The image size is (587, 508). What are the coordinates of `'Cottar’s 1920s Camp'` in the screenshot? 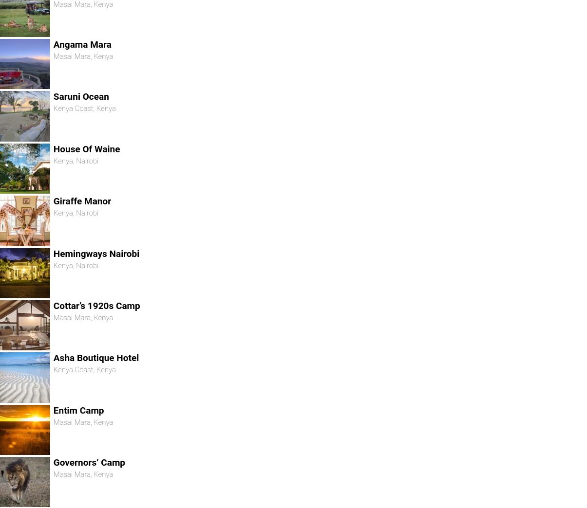 It's located at (95, 305).